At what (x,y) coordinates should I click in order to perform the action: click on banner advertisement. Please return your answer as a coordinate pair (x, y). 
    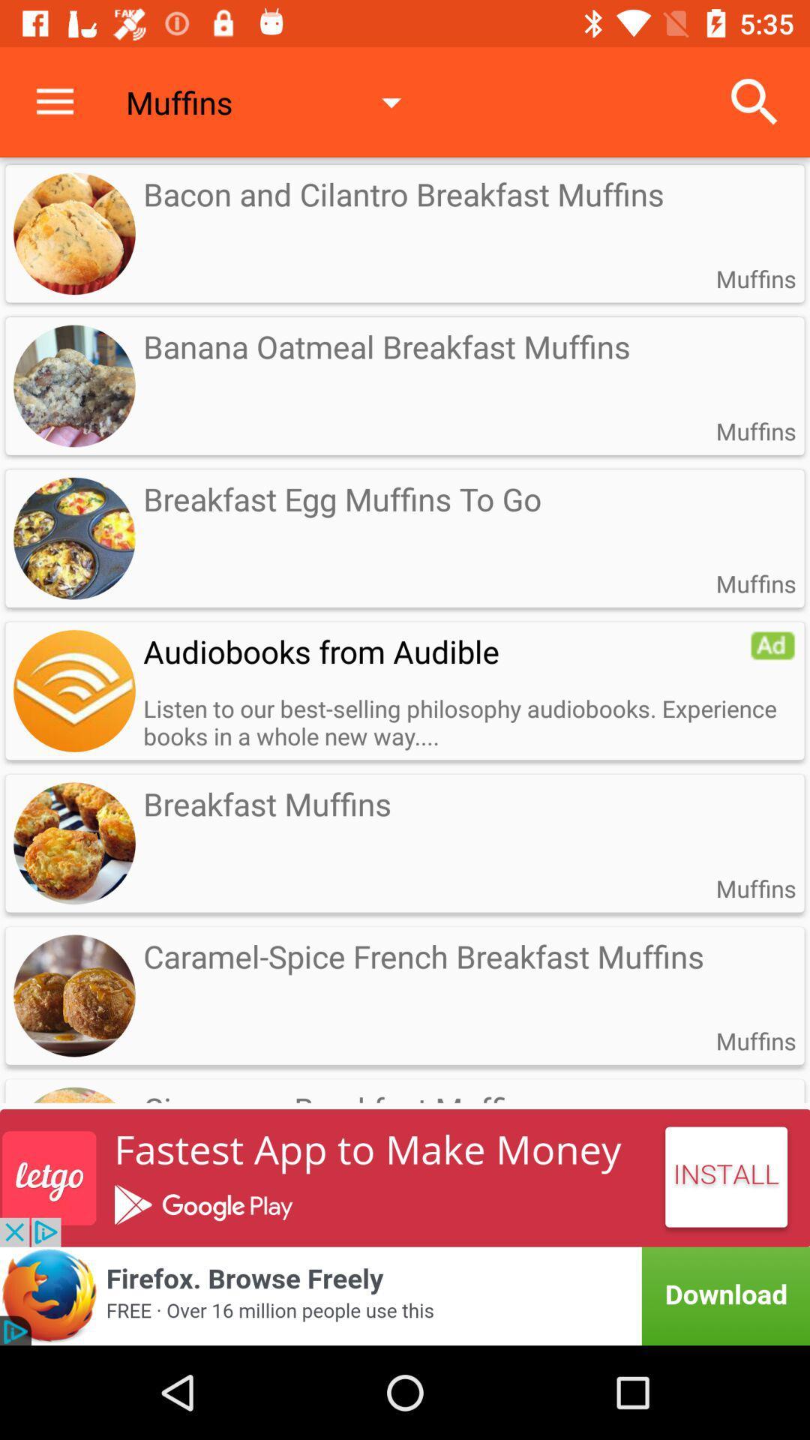
    Looking at the image, I should click on (405, 1177).